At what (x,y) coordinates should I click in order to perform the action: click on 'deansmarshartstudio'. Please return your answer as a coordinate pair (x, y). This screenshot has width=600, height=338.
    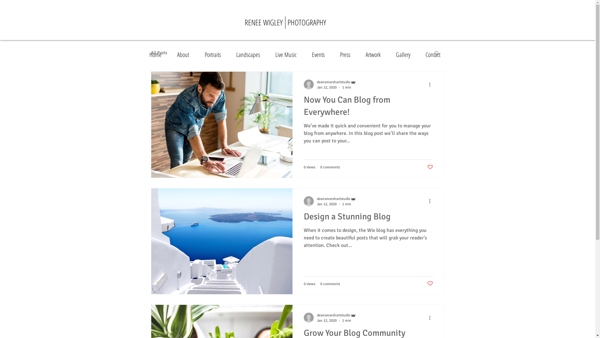
    Looking at the image, I should click on (336, 315).